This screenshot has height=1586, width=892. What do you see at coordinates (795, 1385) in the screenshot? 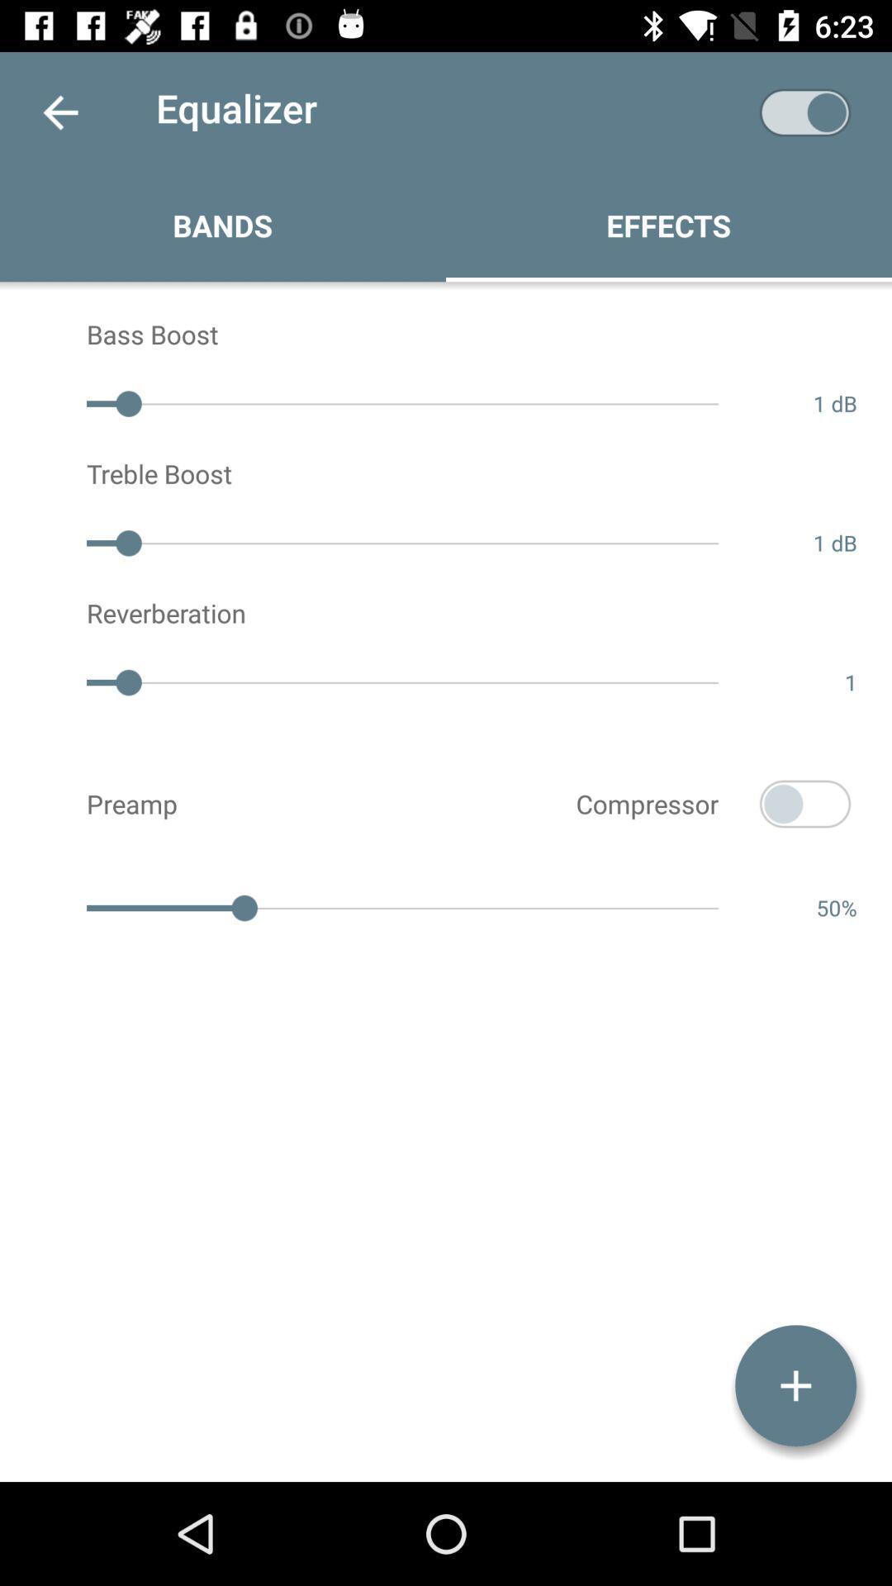
I see `the add icon` at bounding box center [795, 1385].